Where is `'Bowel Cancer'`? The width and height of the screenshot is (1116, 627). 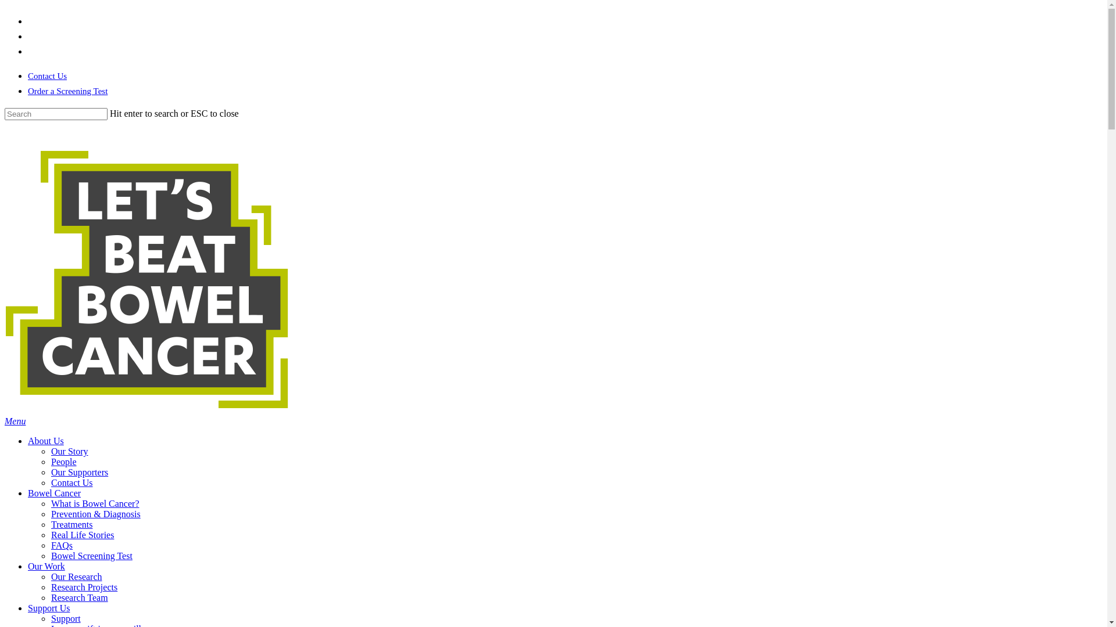
'Bowel Cancer' is located at coordinates (53, 493).